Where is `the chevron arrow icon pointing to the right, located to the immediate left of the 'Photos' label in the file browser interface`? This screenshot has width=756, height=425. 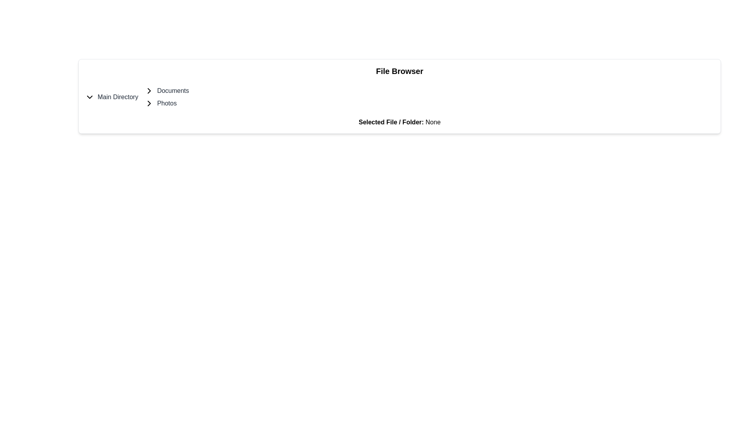
the chevron arrow icon pointing to the right, located to the immediate left of the 'Photos' label in the file browser interface is located at coordinates (149, 103).